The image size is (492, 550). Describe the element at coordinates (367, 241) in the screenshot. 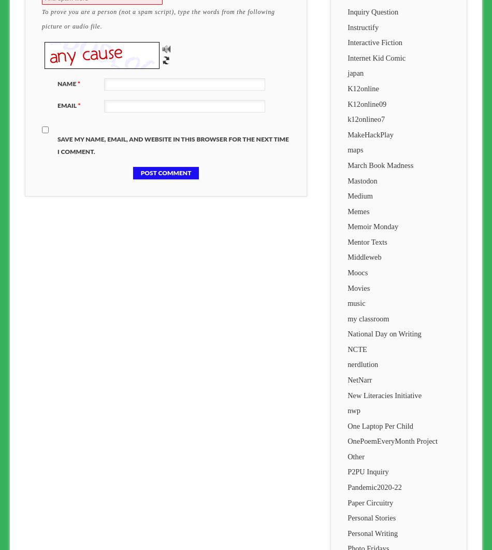

I see `'Mentor Texts'` at that location.